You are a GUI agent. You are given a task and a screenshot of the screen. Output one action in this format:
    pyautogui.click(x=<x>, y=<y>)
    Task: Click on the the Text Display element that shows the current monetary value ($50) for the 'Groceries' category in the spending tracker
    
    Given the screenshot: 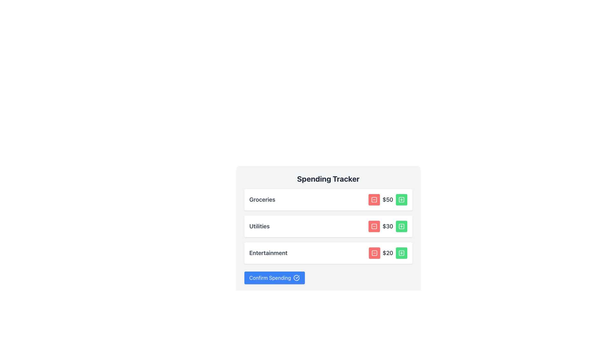 What is the action you would take?
    pyautogui.click(x=387, y=199)
    